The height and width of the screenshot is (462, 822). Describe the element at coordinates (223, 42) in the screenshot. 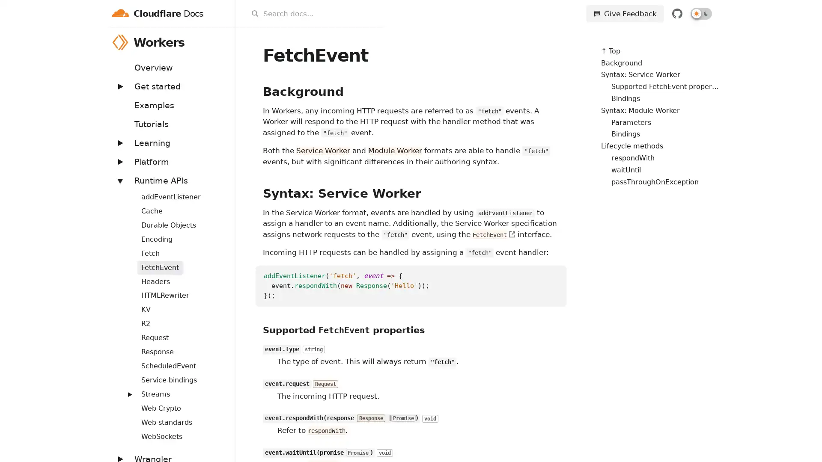

I see `Workers menu` at that location.